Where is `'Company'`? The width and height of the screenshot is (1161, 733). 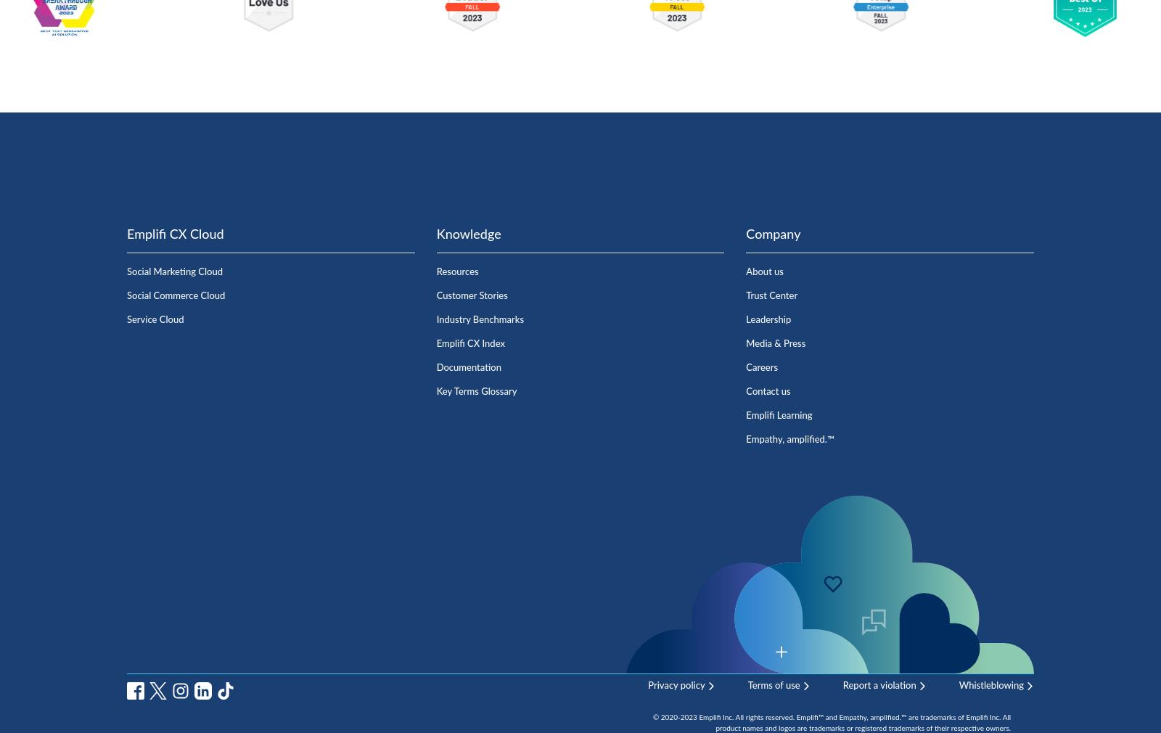
'Company' is located at coordinates (746, 234).